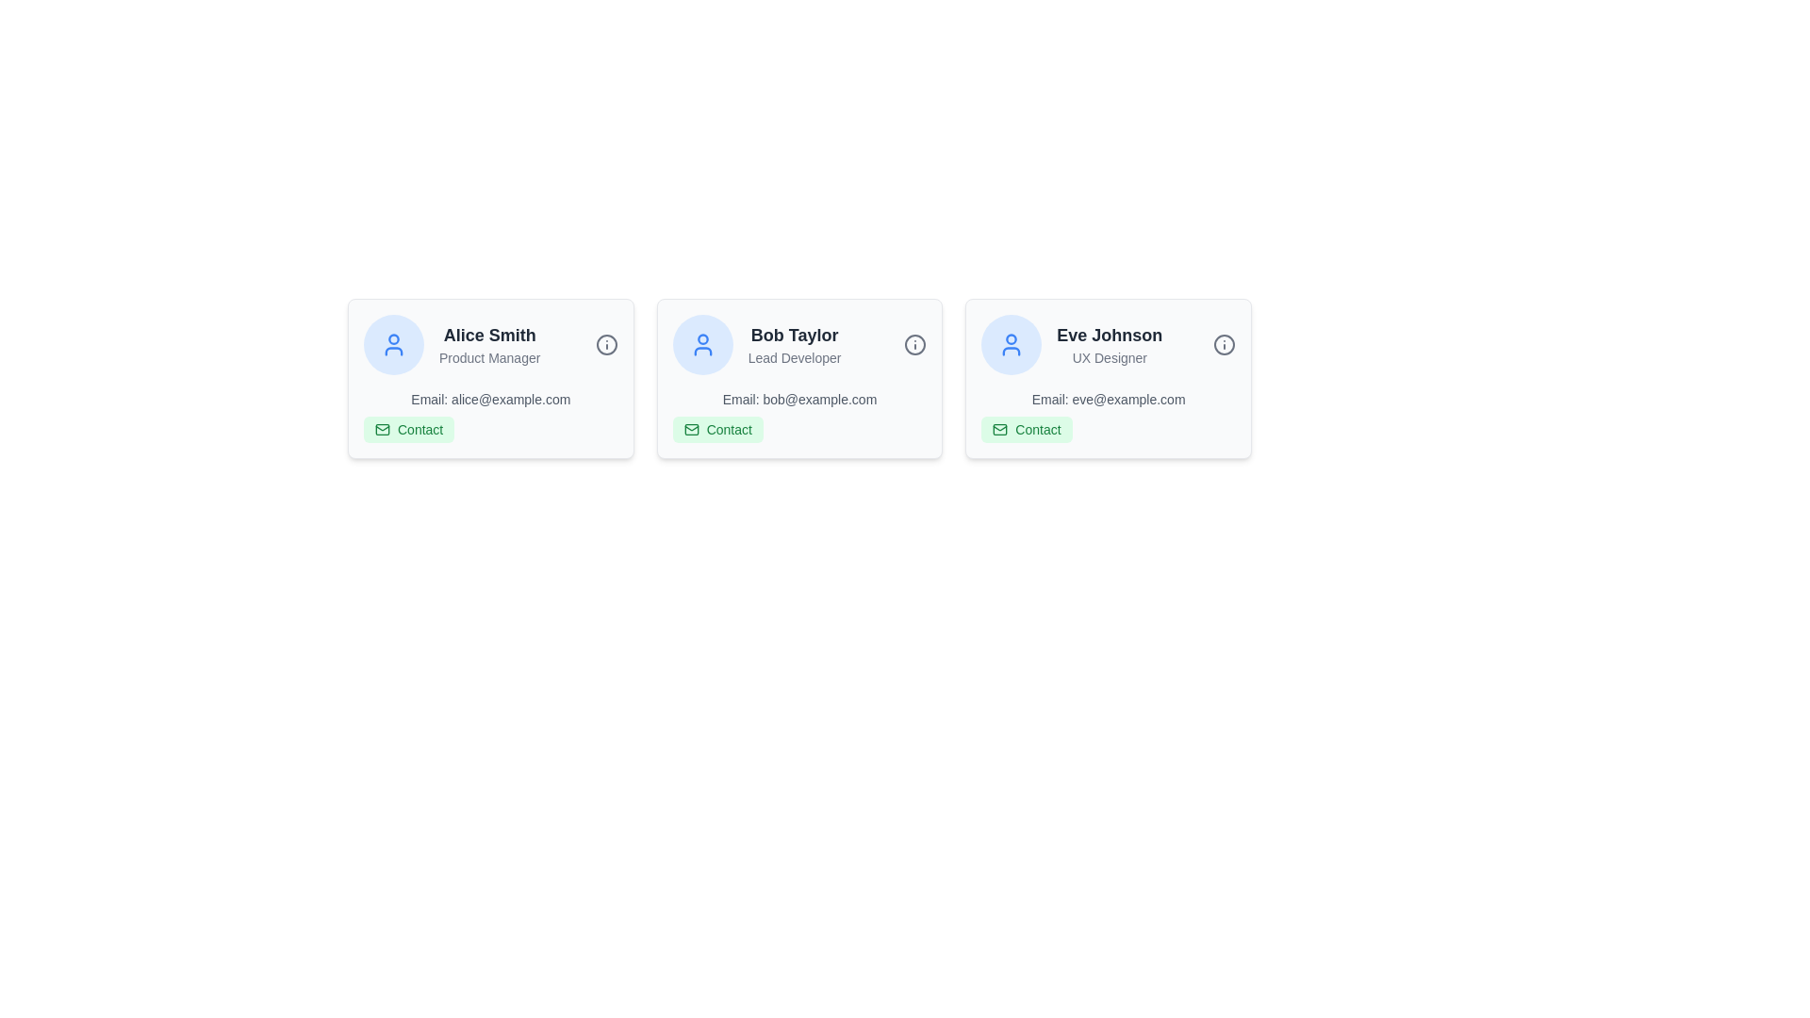 The height and width of the screenshot is (1018, 1810). I want to click on the information icon located in the top-right corner of the 'Eve Johnson UX Designer' card, adjacent to her name and job title, so click(1225, 345).